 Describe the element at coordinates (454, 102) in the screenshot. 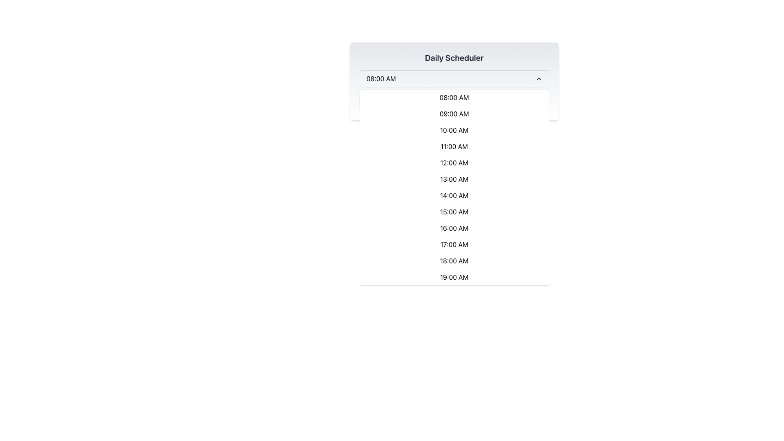

I see `the first time selection option in the scheduling dropdown, which sets the schedule to 08:00 AM` at that location.